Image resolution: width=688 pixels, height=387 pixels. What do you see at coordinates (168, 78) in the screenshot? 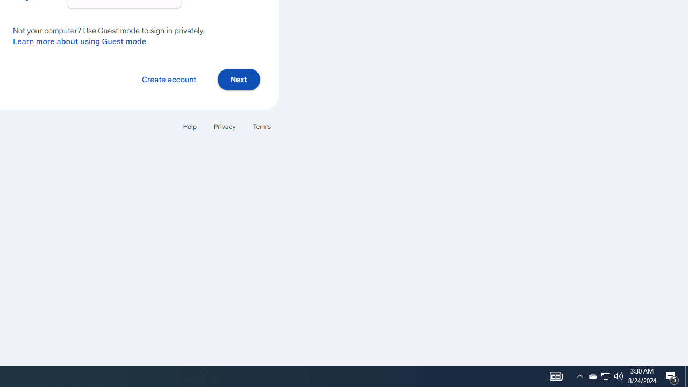
I see `'Create account'` at bounding box center [168, 78].